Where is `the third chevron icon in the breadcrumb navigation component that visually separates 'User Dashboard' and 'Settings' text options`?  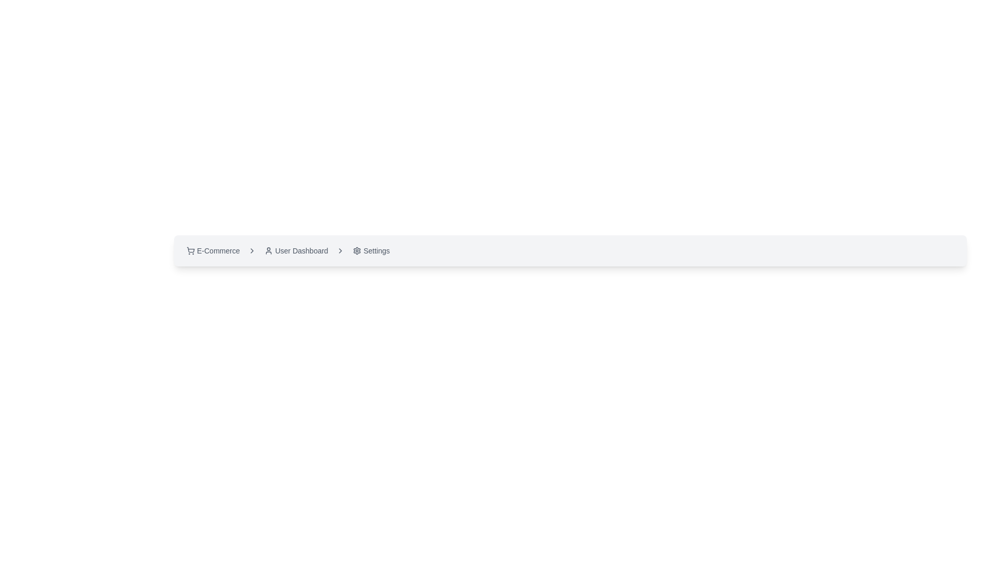 the third chevron icon in the breadcrumb navigation component that visually separates 'User Dashboard' and 'Settings' text options is located at coordinates (340, 250).